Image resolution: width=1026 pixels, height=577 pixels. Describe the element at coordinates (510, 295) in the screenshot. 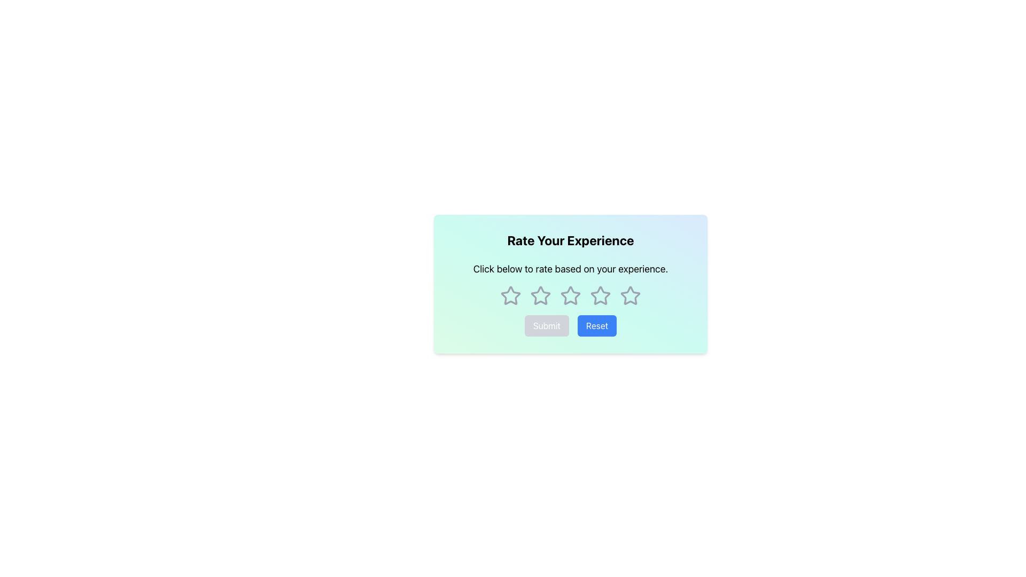

I see `the first interactive star icon in the rating system` at that location.